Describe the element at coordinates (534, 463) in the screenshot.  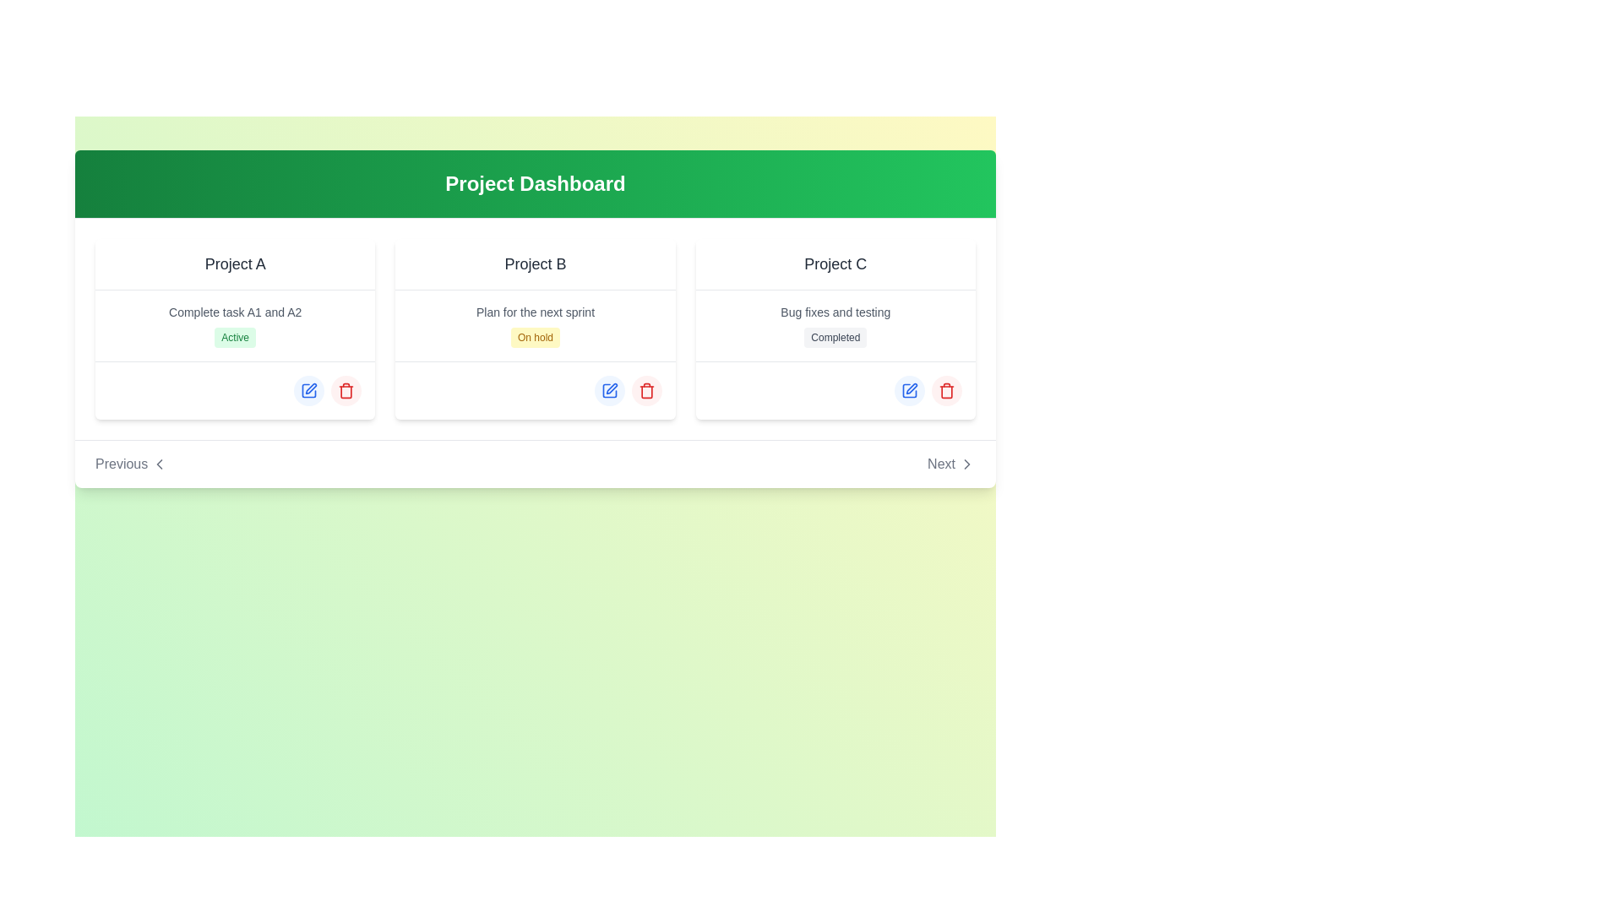
I see `the navigation button located at the bottom of the card layout` at that location.